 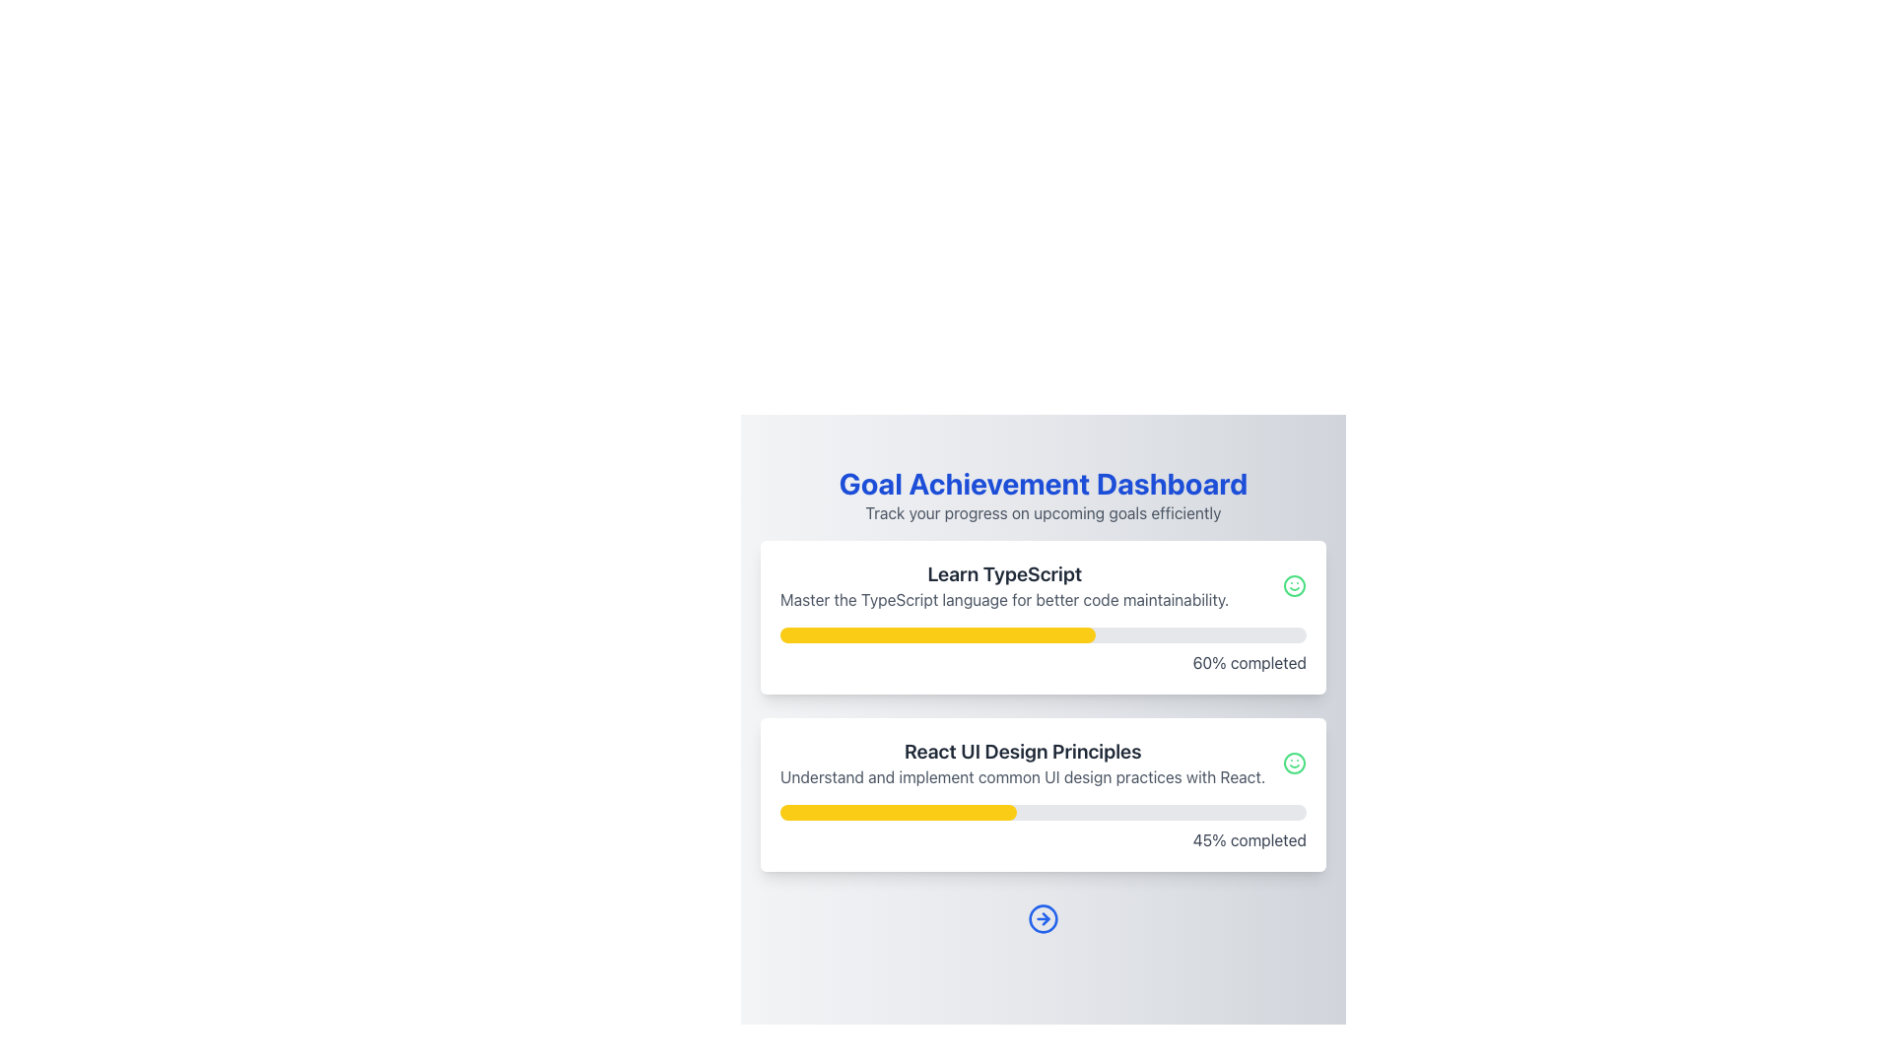 What do you see at coordinates (898, 813) in the screenshot?
I see `the yellow progress bar indicator that represents approximately 45% completion within the 'React UI Design Principles' progress bar in the 'Goal Achievement Dashboard'` at bounding box center [898, 813].